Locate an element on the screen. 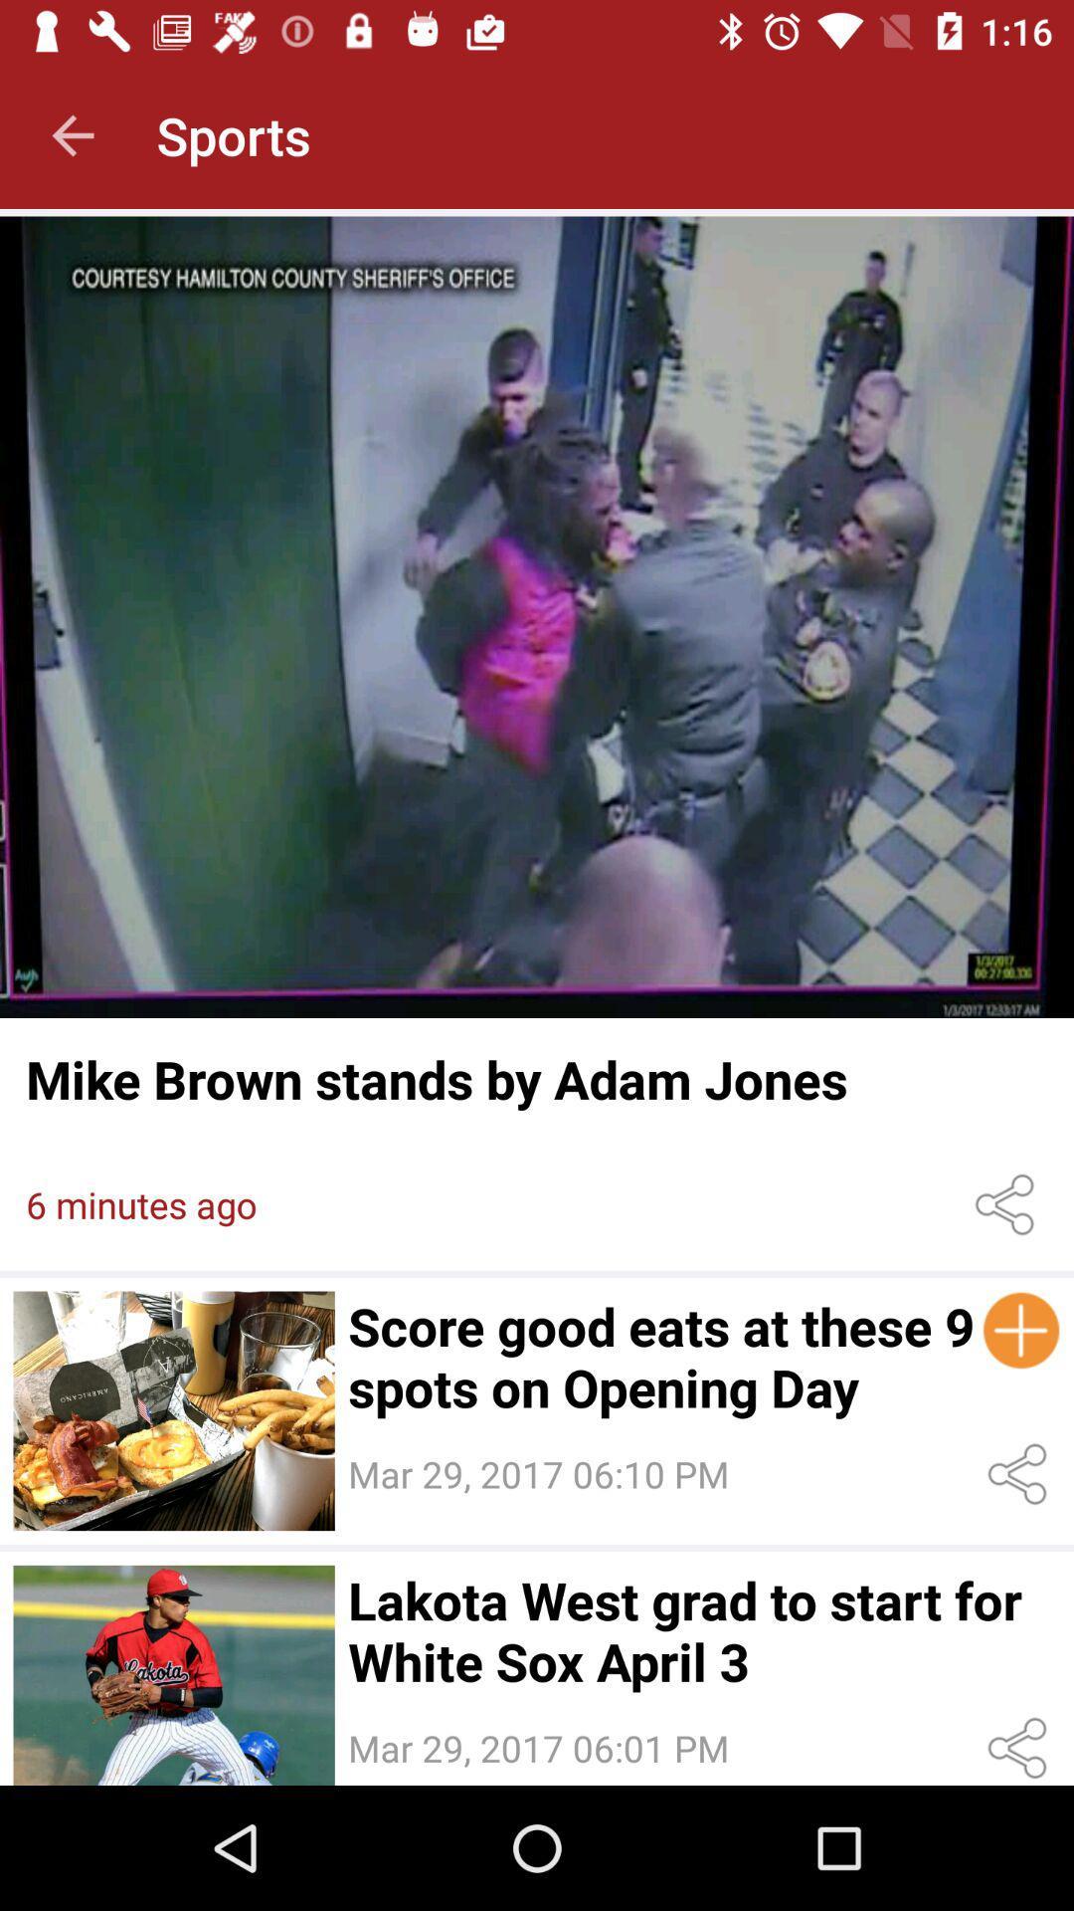  item next to sports icon is located at coordinates (72, 134).